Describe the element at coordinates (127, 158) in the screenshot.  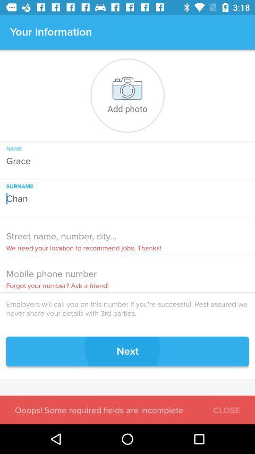
I see `grace` at that location.